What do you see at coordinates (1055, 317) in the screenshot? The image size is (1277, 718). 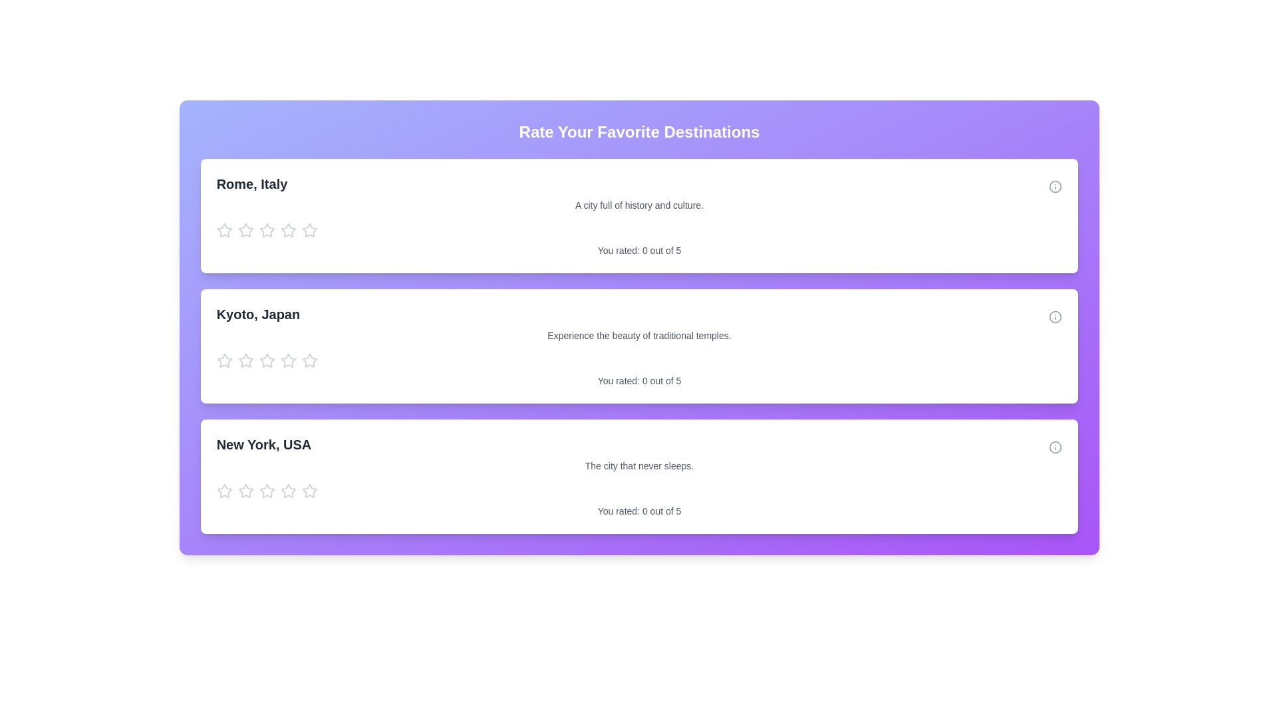 I see `the circular graphical element in the upper-right corner of the second list item related to 'Kyoto, Japan'` at bounding box center [1055, 317].